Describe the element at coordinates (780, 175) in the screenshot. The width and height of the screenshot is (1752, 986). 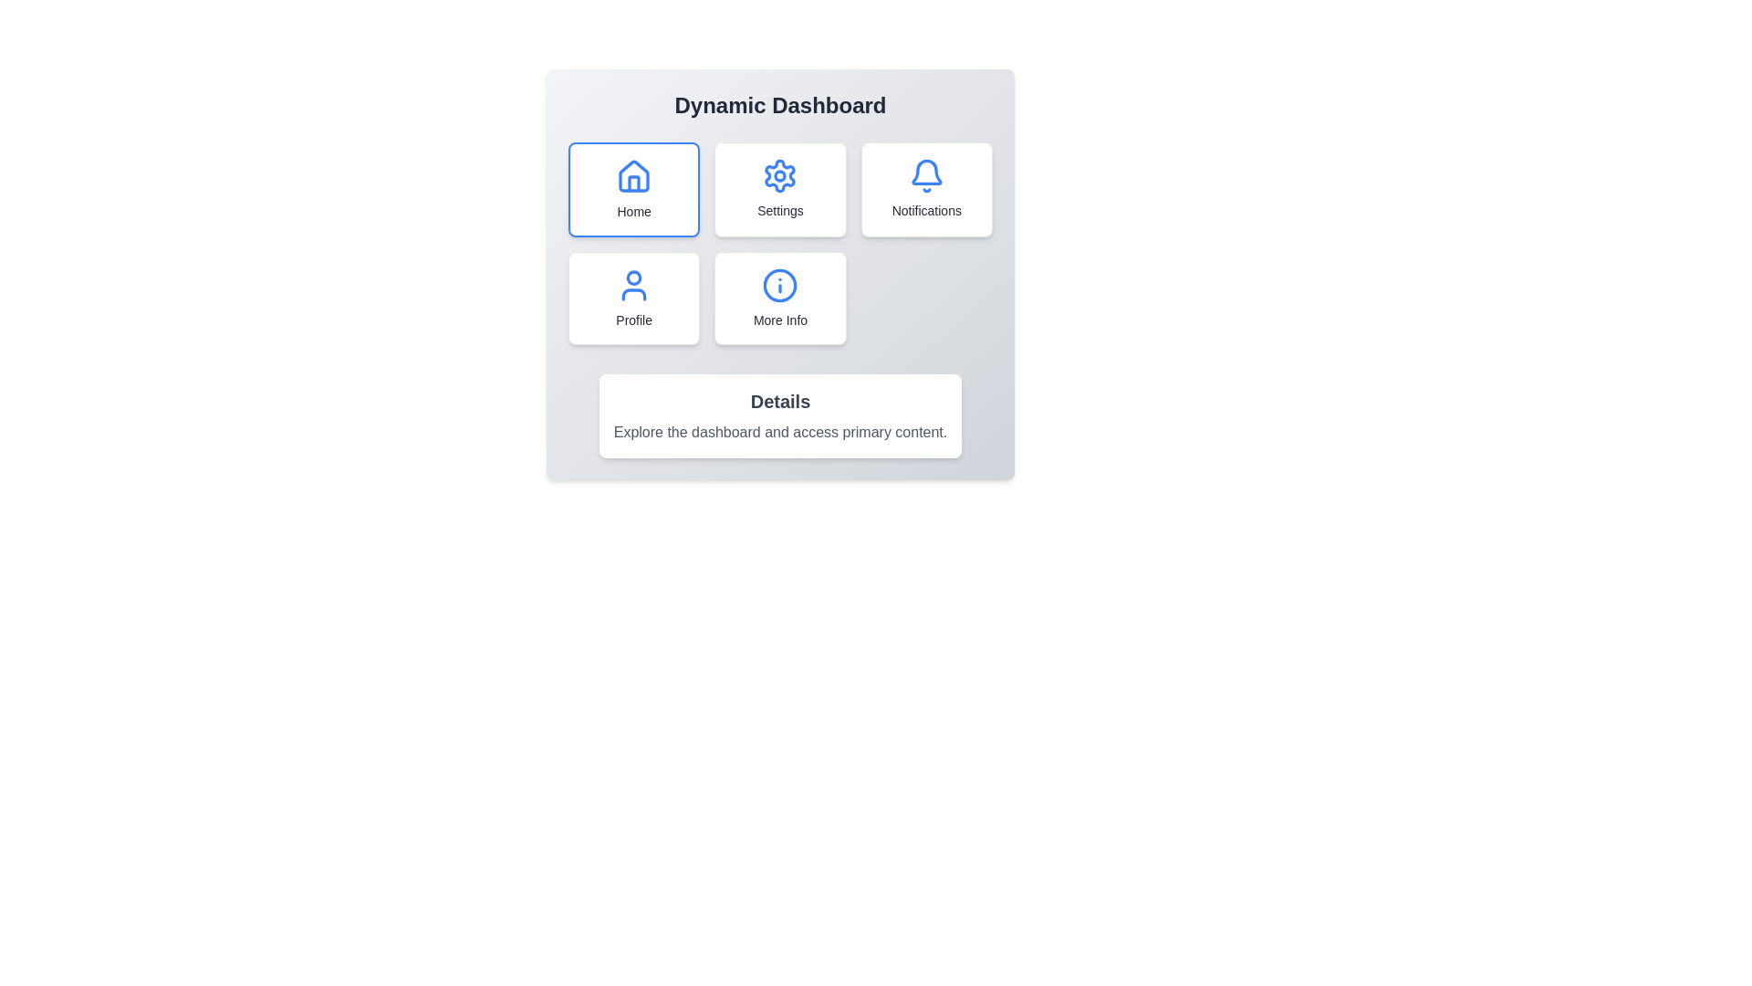
I see `the Circle element at the center of the 'Settings' icon in the dashboard interface, which is part of the gear icon's visual design` at that location.